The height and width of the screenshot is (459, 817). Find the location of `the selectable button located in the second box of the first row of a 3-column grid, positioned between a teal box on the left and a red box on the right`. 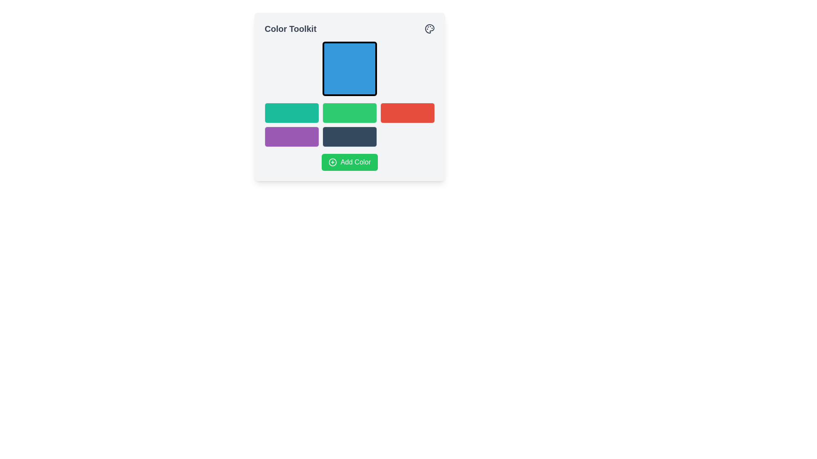

the selectable button located in the second box of the first row of a 3-column grid, positioned between a teal box on the left and a red box on the right is located at coordinates (349, 113).